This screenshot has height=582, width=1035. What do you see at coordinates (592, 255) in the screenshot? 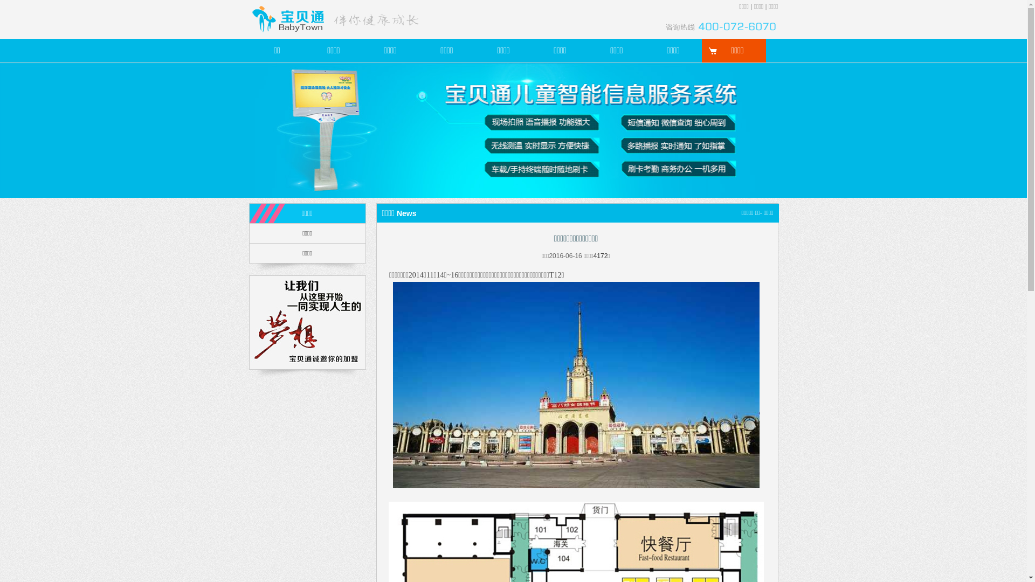
I see `'4172'` at bounding box center [592, 255].